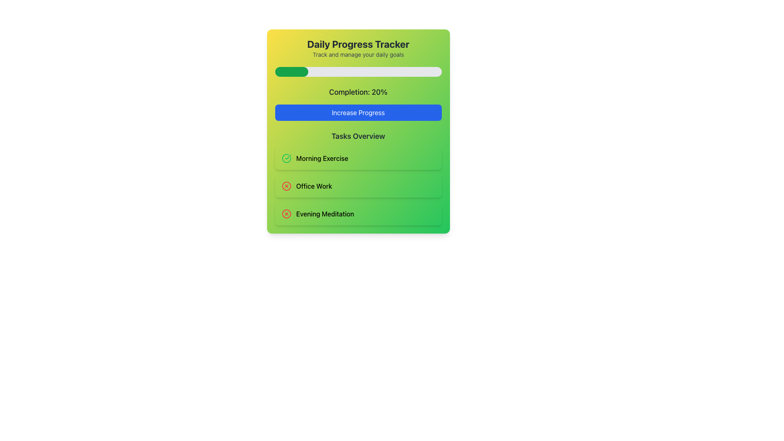  Describe the element at coordinates (286, 186) in the screenshot. I see `the circular error icon with a red cross, located to the left of the 'Office Work' label in the task list` at that location.